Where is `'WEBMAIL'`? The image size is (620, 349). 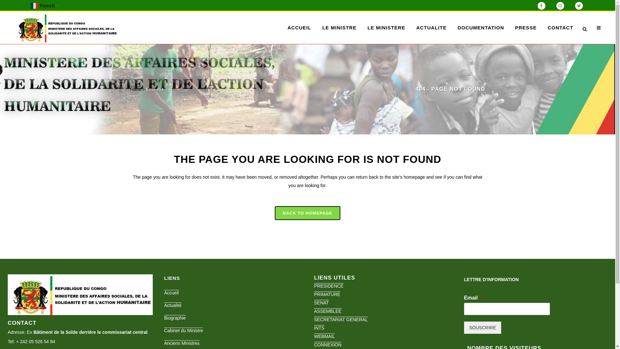
'WEBMAIL' is located at coordinates (324, 336).